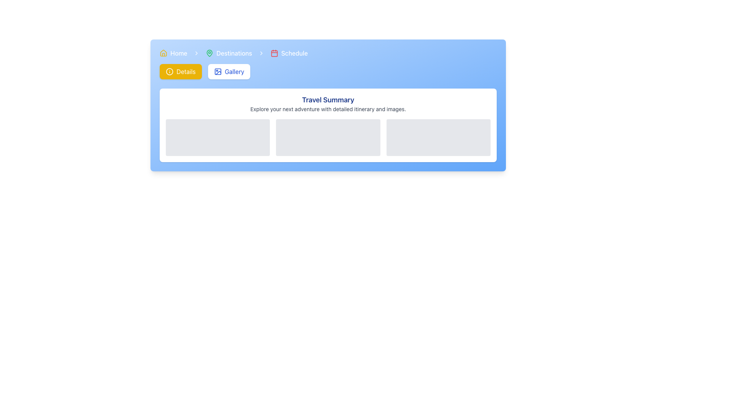 The width and height of the screenshot is (737, 414). What do you see at coordinates (274, 53) in the screenshot?
I see `the 'Schedule' icon in the breadcrumb navigation section, located to the left of the 'Schedule' text label and to the right of the 'Destinations' segment` at bounding box center [274, 53].